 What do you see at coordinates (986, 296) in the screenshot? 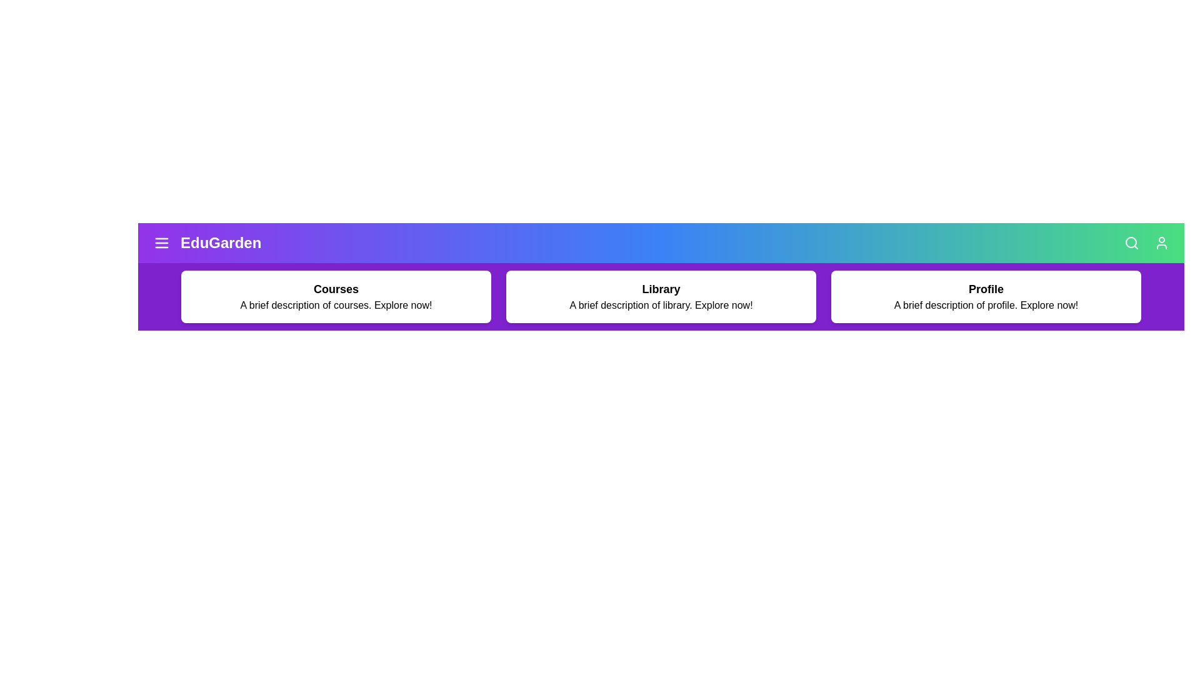
I see `the 'Profile' card to explore profile options` at bounding box center [986, 296].